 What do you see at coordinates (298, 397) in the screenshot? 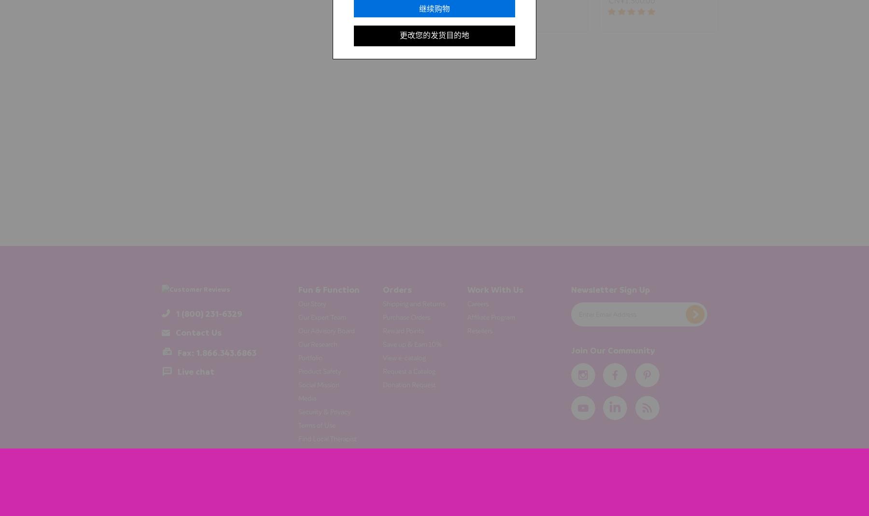
I see `'Media'` at bounding box center [298, 397].